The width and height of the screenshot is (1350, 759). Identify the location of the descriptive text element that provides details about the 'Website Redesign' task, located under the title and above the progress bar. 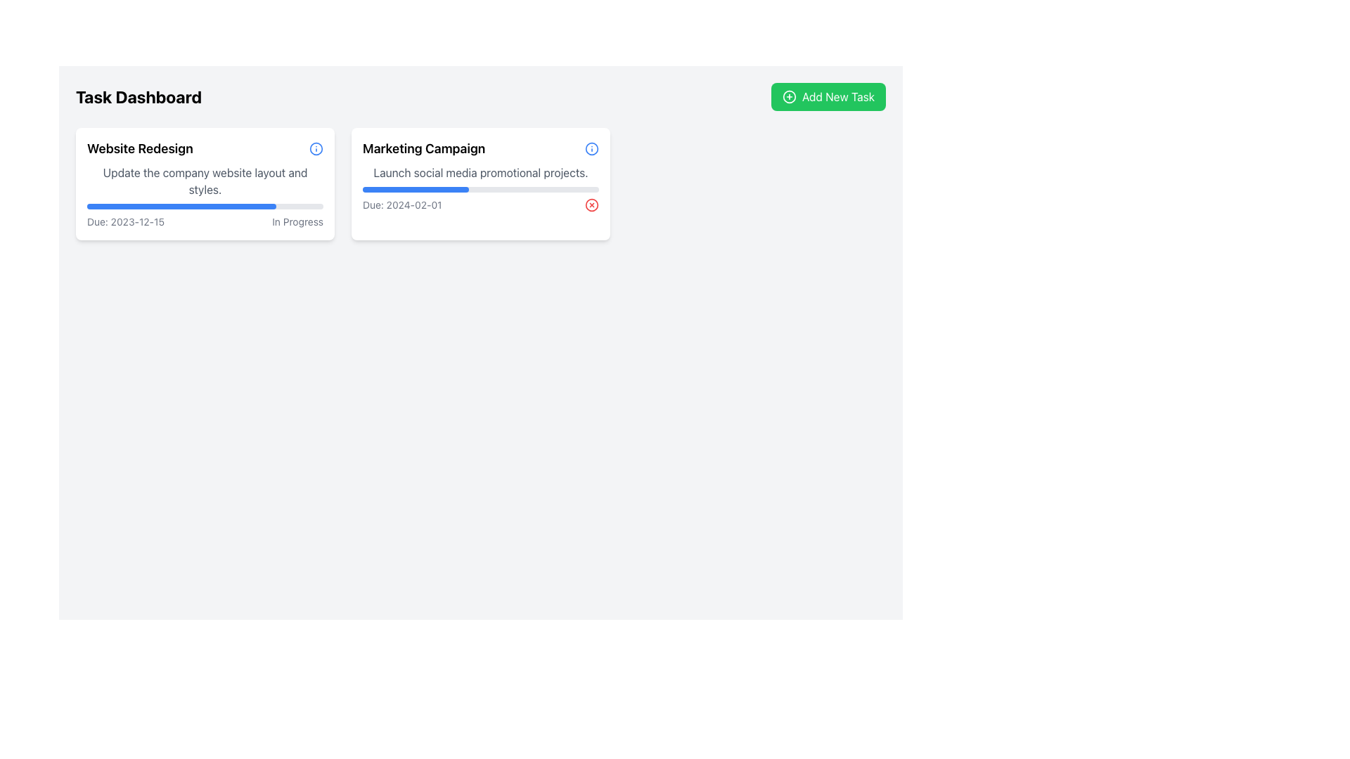
(205, 181).